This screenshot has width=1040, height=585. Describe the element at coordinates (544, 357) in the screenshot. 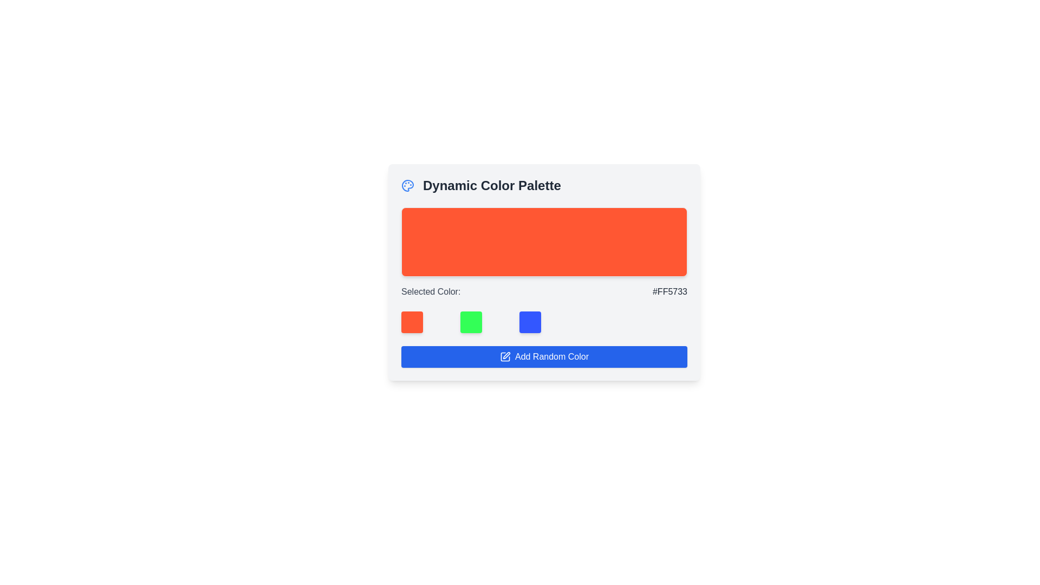

I see `the button at the bottom of the 'Dynamic Color Palette' card to observe the hover effects` at that location.